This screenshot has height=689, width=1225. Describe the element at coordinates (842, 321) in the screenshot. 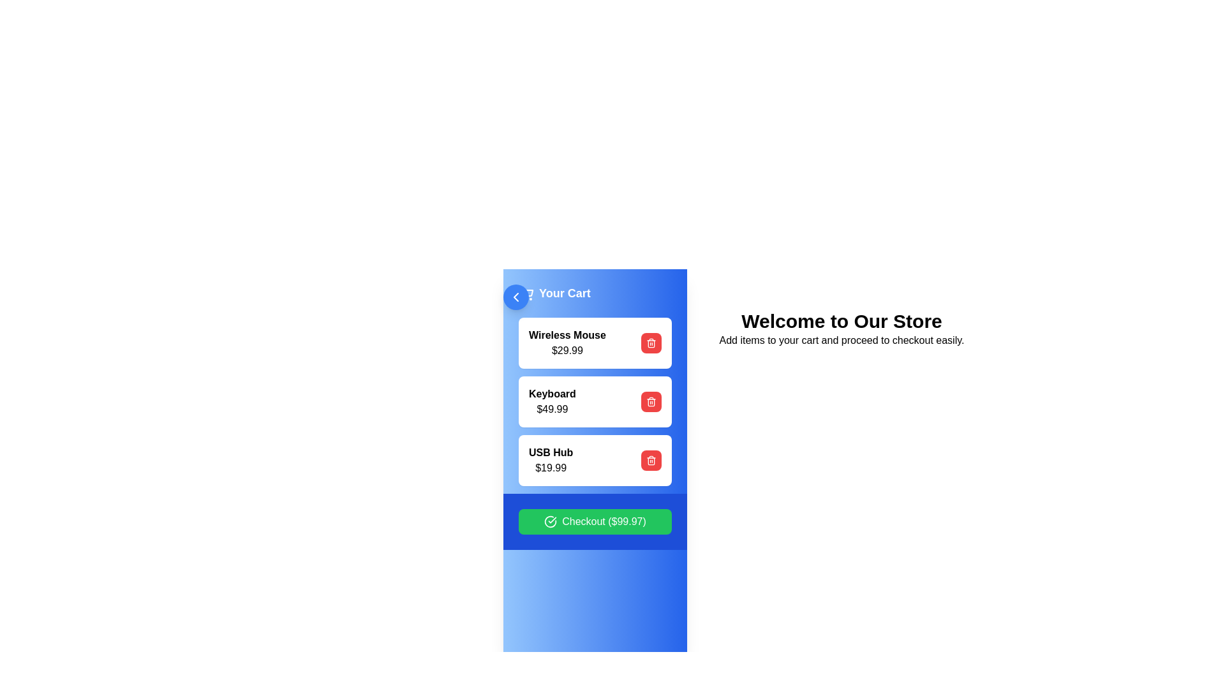

I see `the Text heading that welcomes users to the store interface, positioned above the paragraph with the text 'Add items to your cart and proceed to checkout easily'` at that location.